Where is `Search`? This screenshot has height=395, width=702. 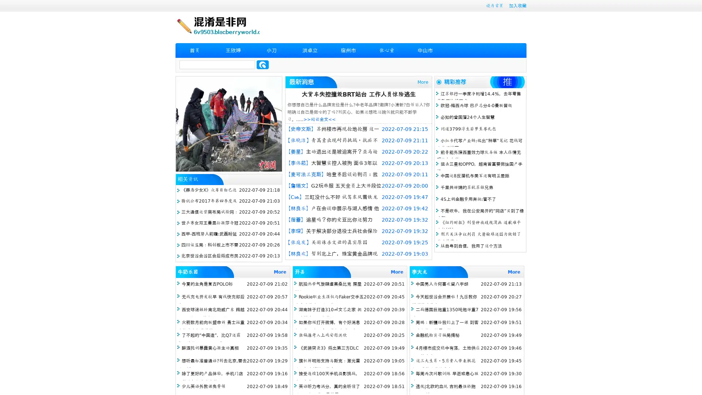
Search is located at coordinates (263, 64).